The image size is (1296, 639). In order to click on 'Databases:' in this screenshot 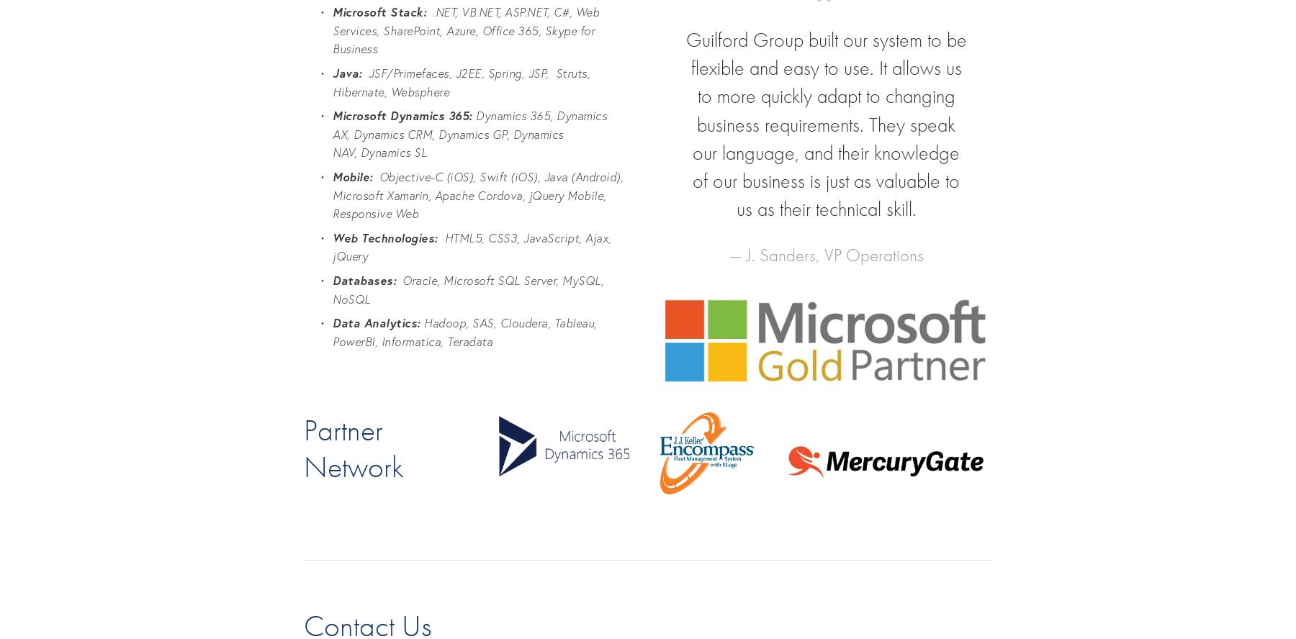, I will do `click(332, 279)`.